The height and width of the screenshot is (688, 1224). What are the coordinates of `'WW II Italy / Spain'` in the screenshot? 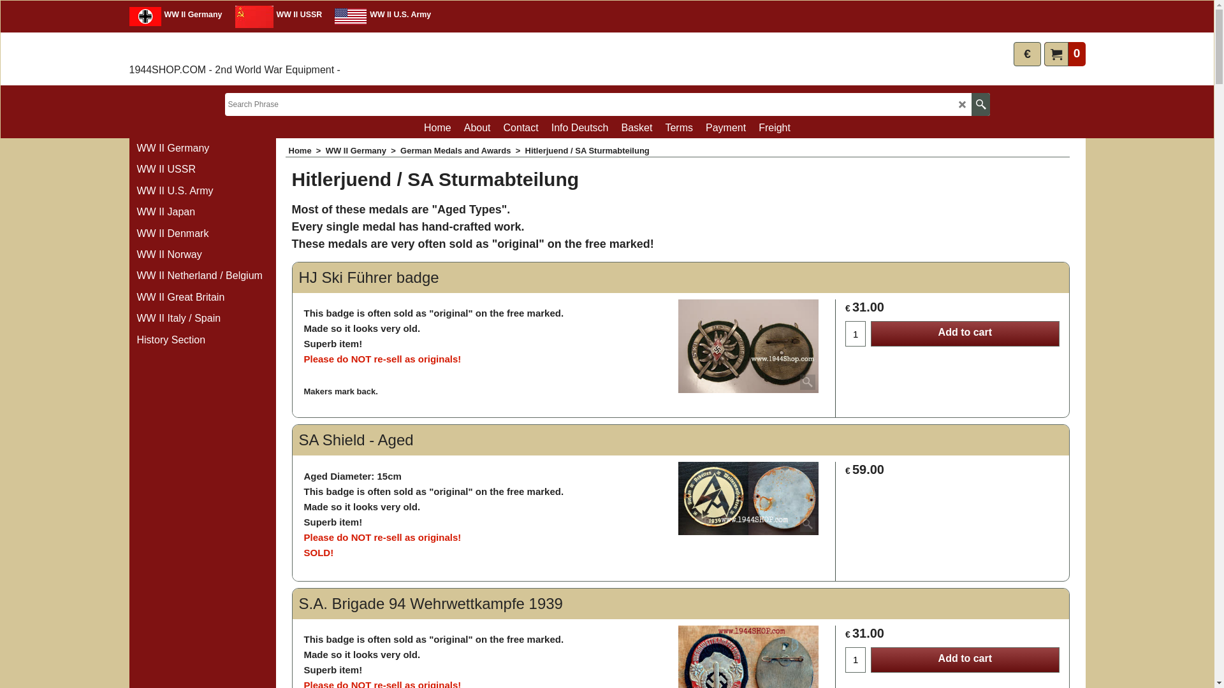 It's located at (135, 318).